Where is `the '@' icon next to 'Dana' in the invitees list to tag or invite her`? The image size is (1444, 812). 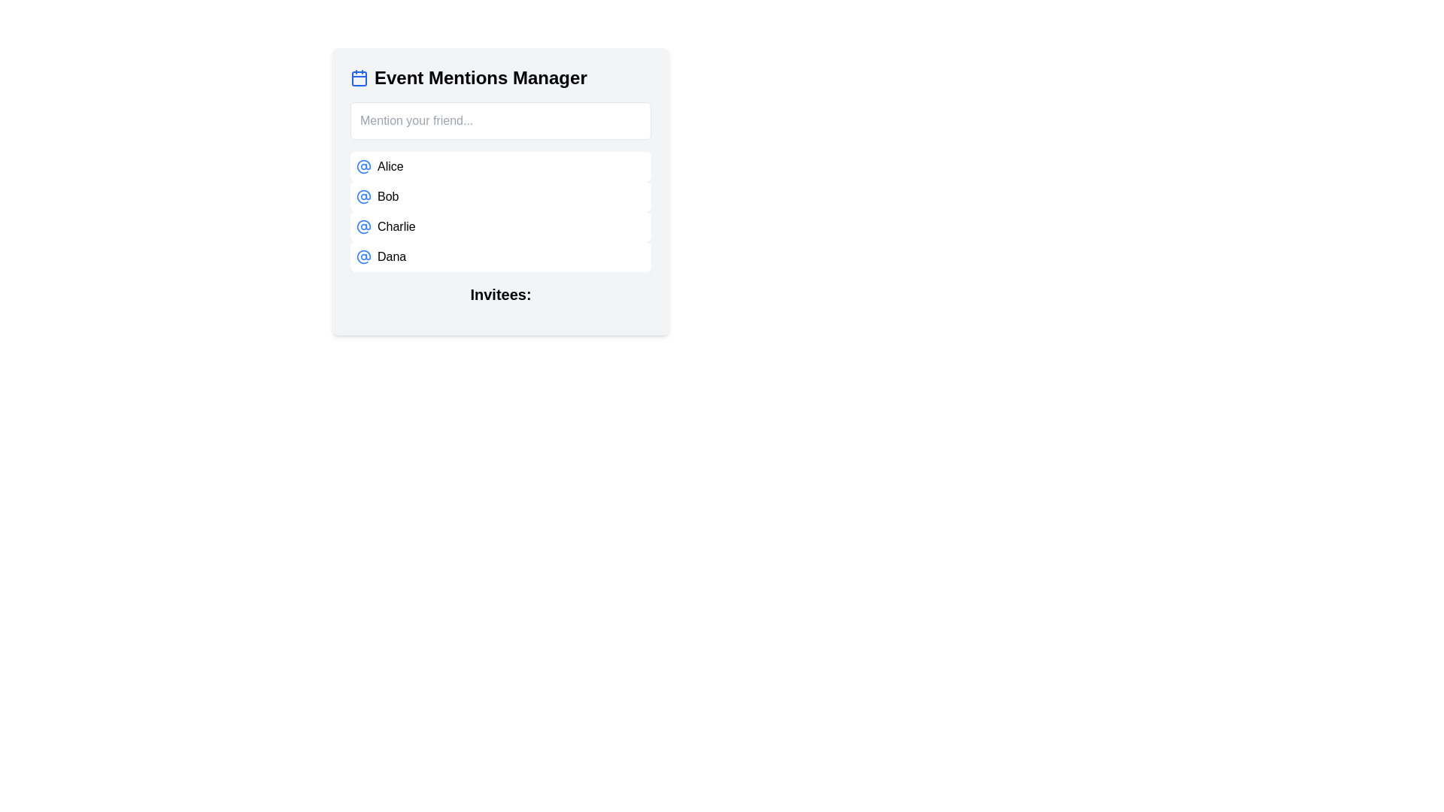
the '@' icon next to 'Dana' in the invitees list to tag or invite her is located at coordinates (364, 256).